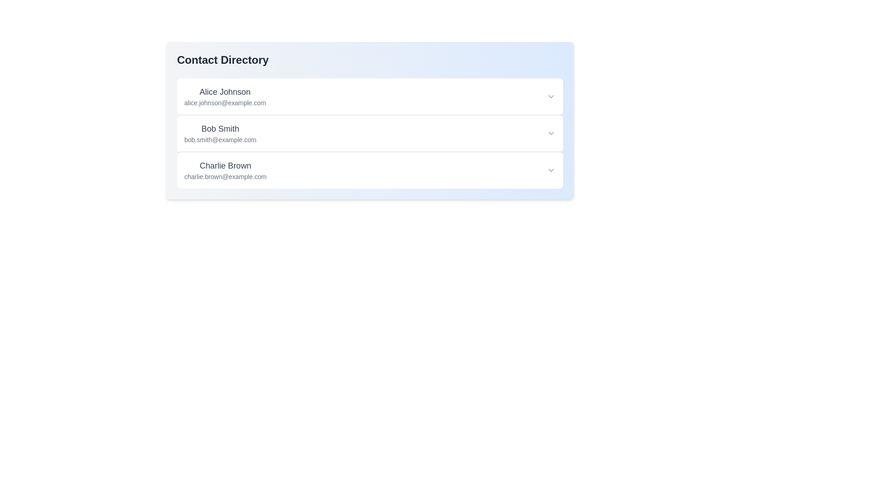 Image resolution: width=874 pixels, height=492 pixels. What do you see at coordinates (225, 102) in the screenshot?
I see `the email address 'alice.johnson@example.com' displayed in a smaller, muted gray font, located beneath the name 'Alice Johnson' in the contact directory` at bounding box center [225, 102].